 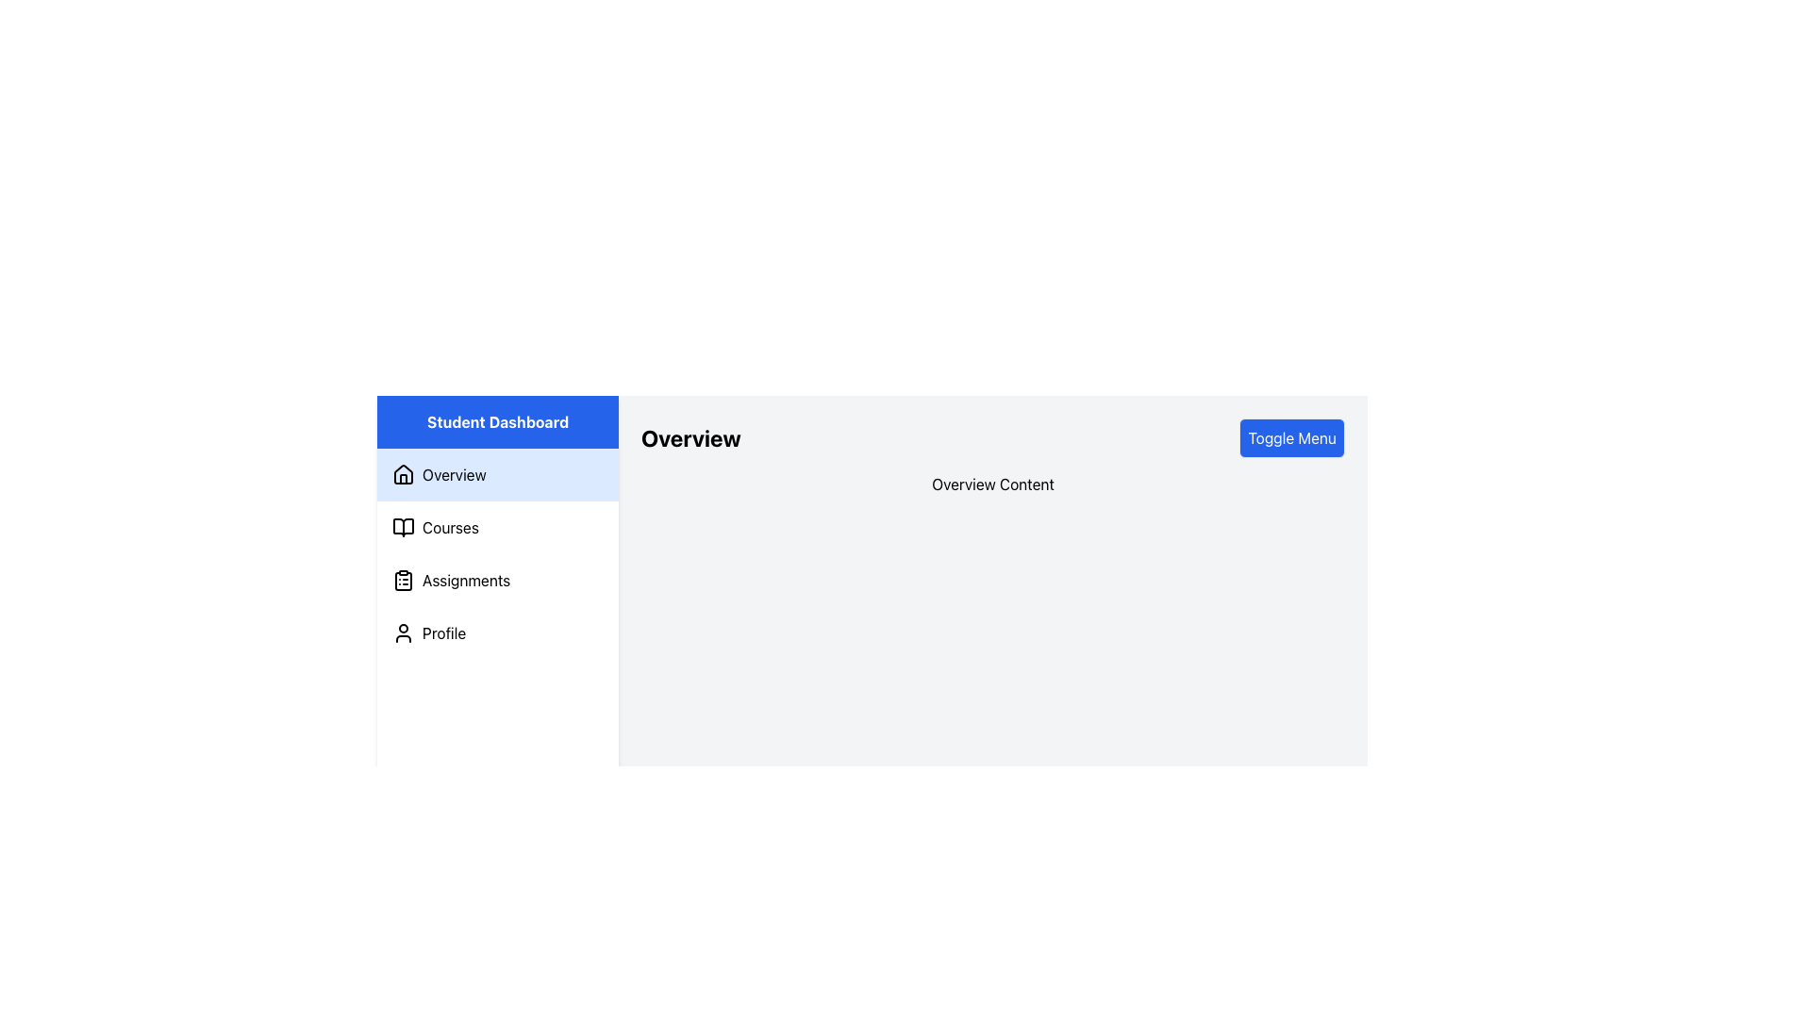 What do you see at coordinates (449, 527) in the screenshot?
I see `the 'Courses' text label in the sidebar menu` at bounding box center [449, 527].